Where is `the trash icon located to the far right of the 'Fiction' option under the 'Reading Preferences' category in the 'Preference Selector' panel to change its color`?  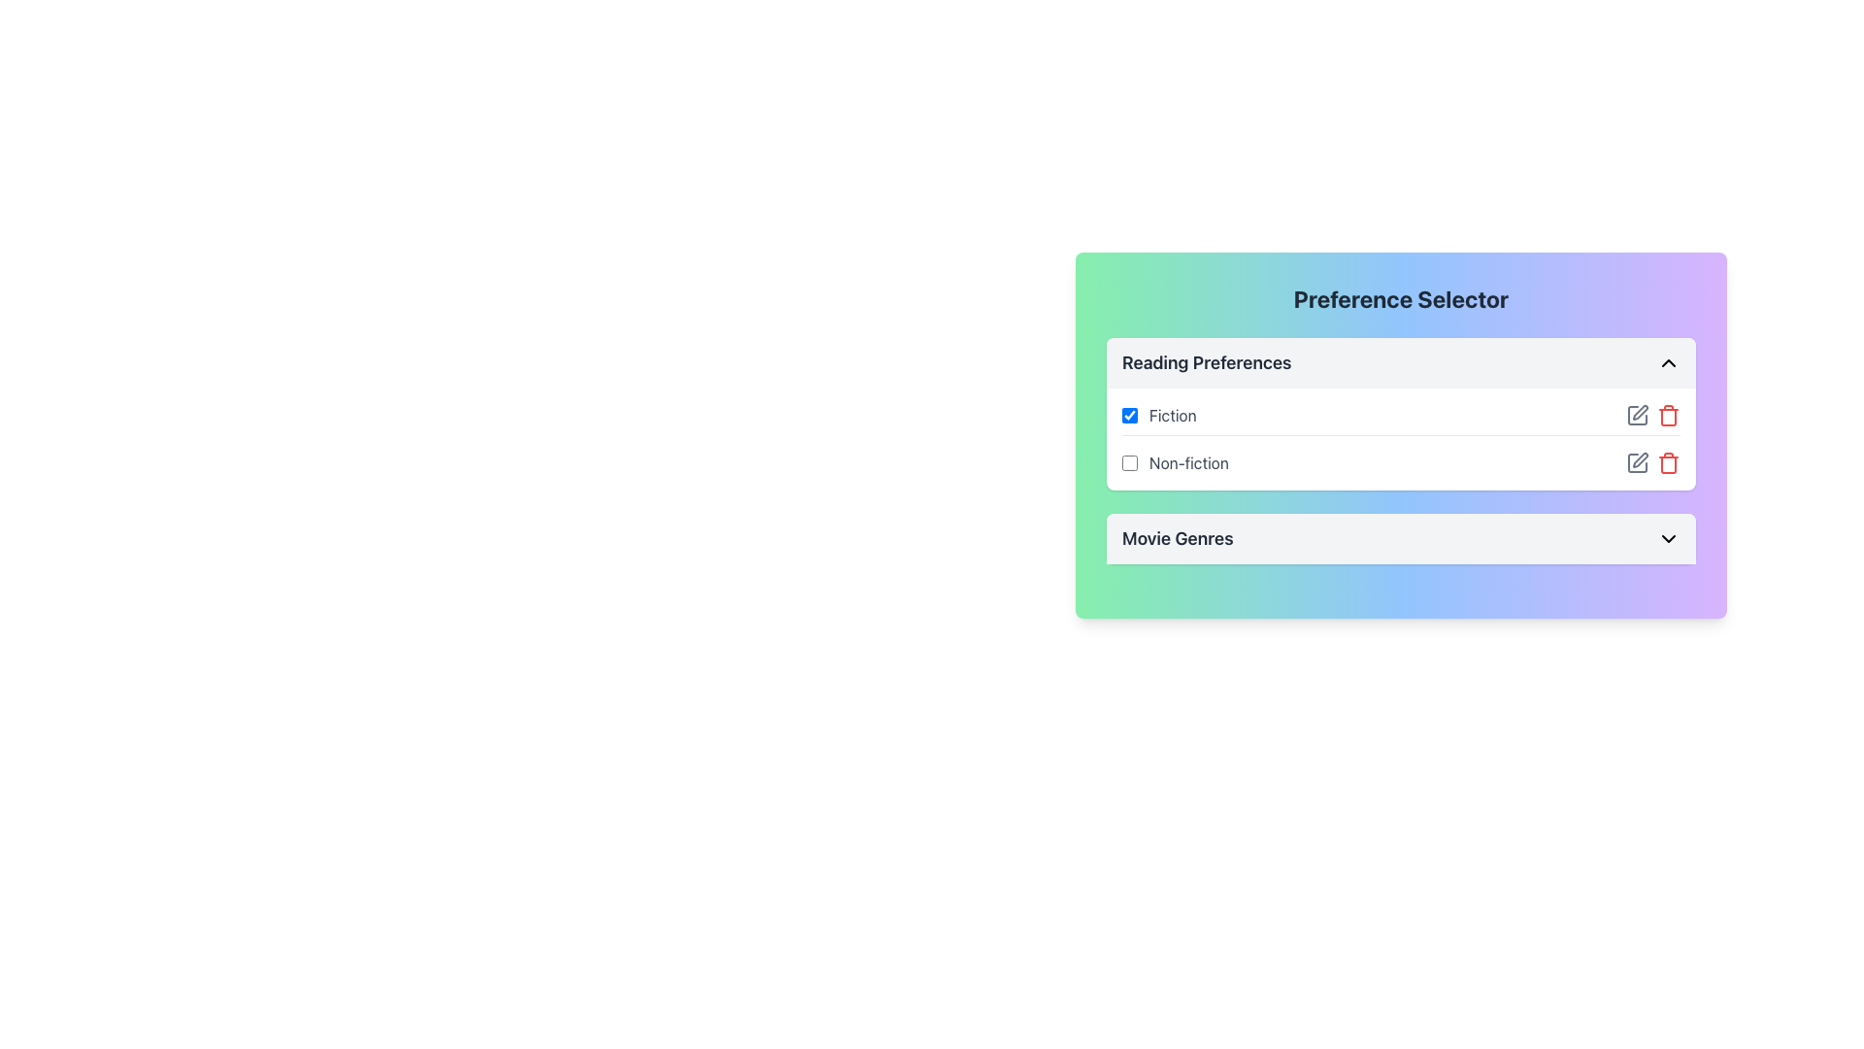
the trash icon located to the far right of the 'Fiction' option under the 'Reading Preferences' category in the 'Preference Selector' panel to change its color is located at coordinates (1667, 415).